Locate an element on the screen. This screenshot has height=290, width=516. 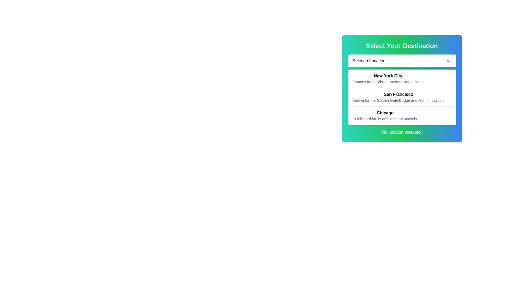
descriptive text for the option 'New York City' located below the bolded title in the selection menu titled 'Select Your Destination' is located at coordinates (388, 82).